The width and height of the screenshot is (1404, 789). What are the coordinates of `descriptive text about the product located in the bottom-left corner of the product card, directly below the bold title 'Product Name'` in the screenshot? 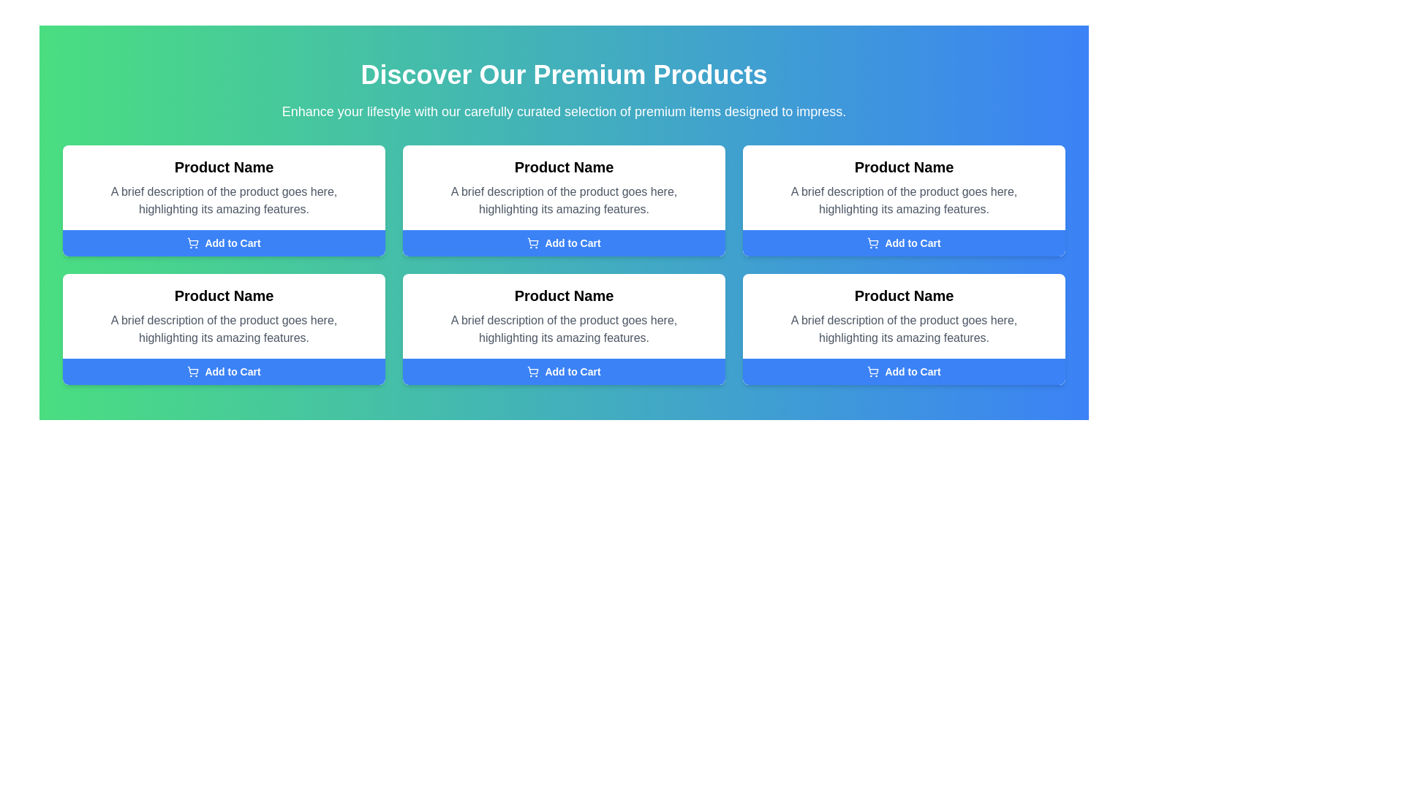 It's located at (223, 329).